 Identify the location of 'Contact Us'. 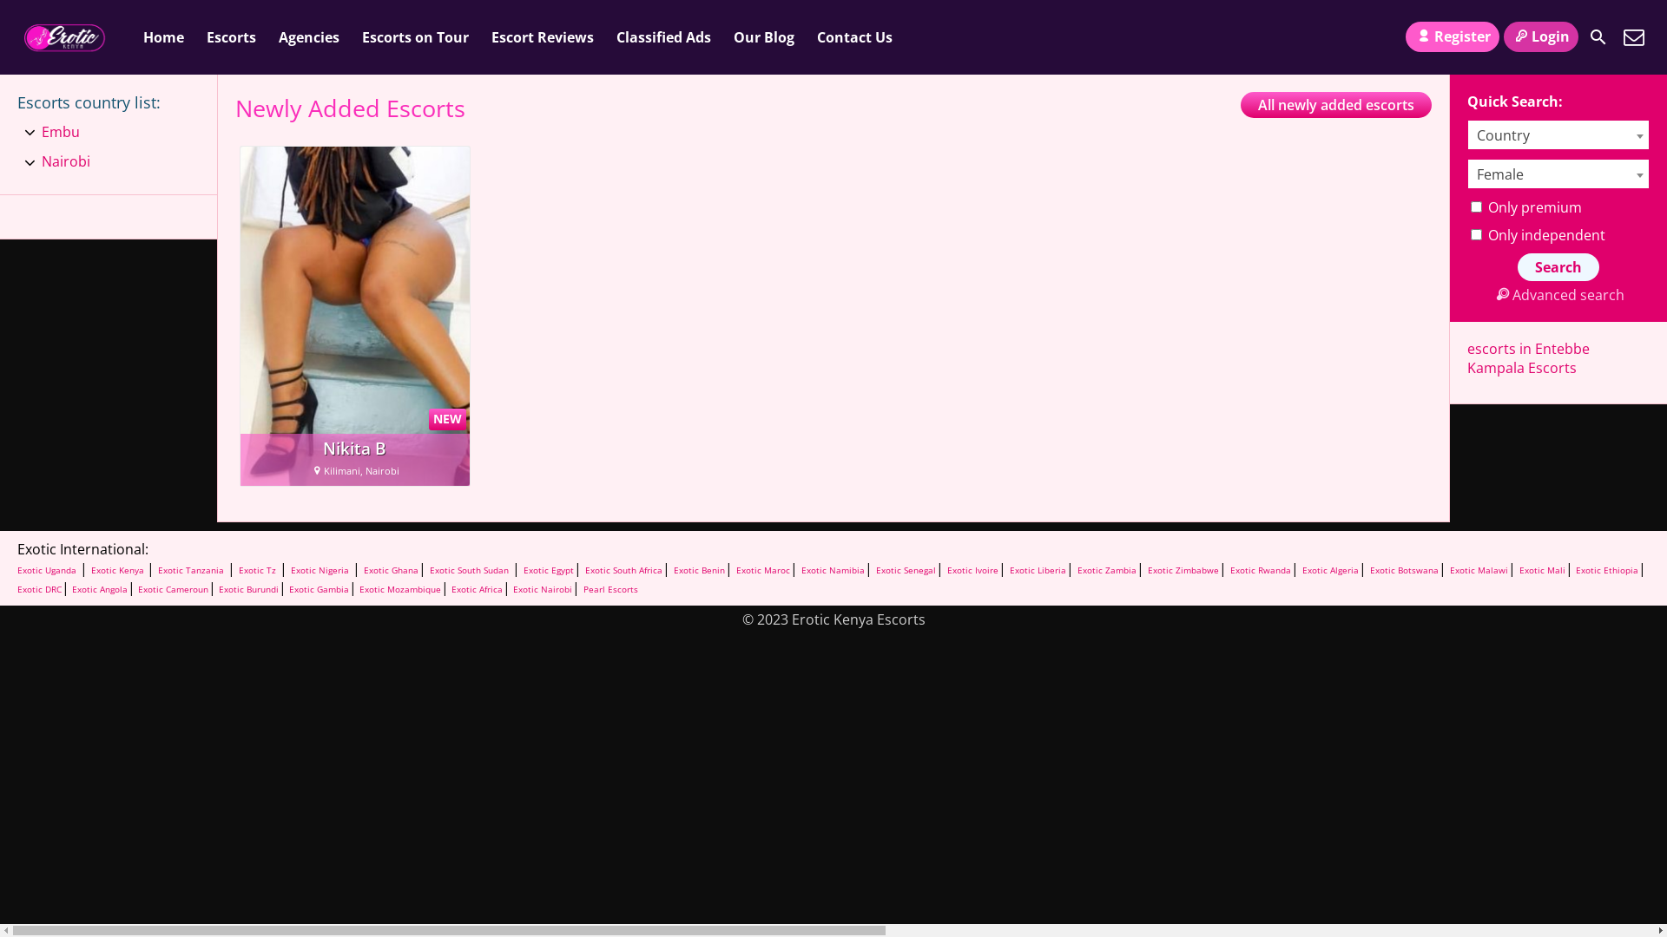
(854, 37).